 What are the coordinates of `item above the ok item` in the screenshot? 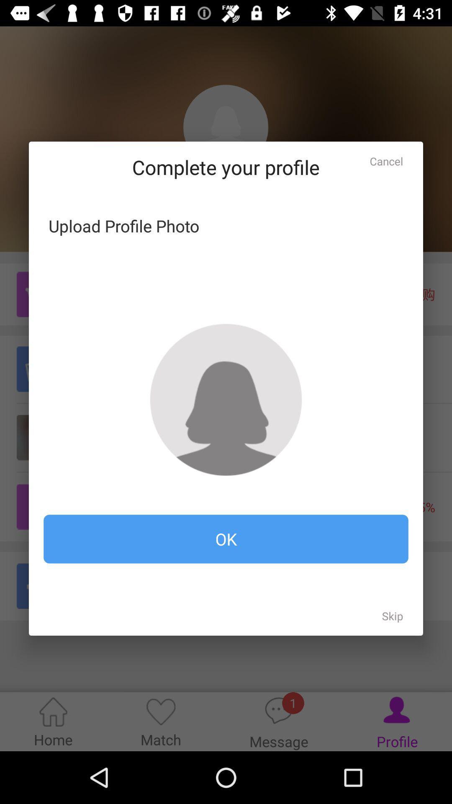 It's located at (226, 399).